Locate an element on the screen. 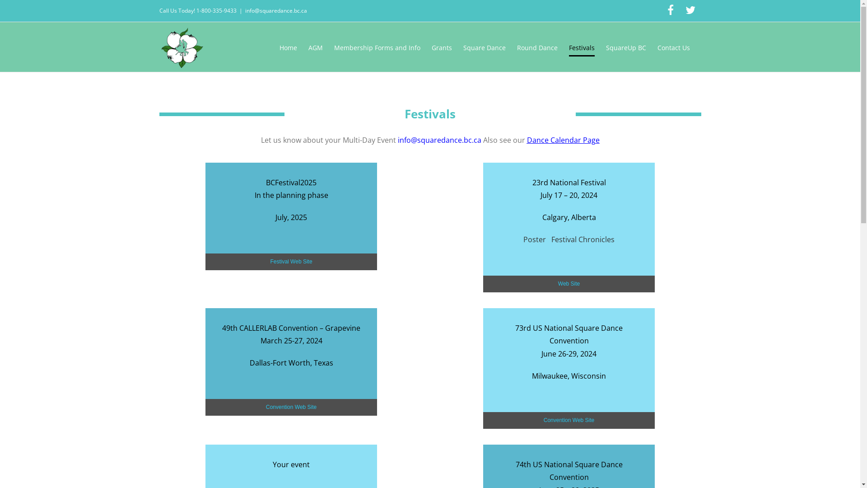 The width and height of the screenshot is (867, 488). 'Home' is located at coordinates (287, 47).